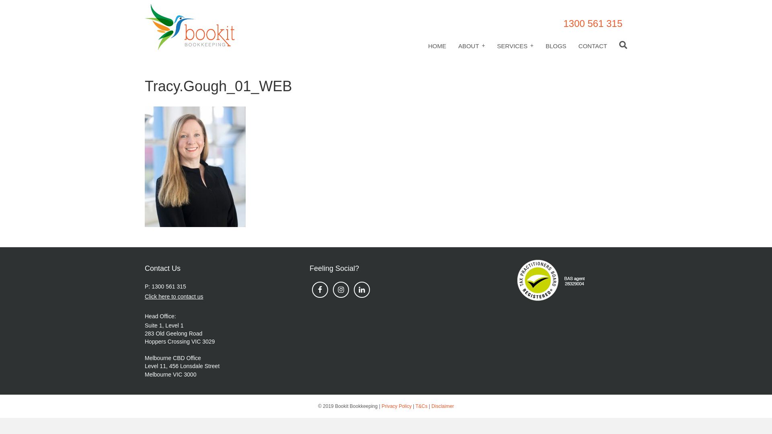 This screenshot has width=772, height=434. I want to click on '1300 561 315', so click(152, 286).